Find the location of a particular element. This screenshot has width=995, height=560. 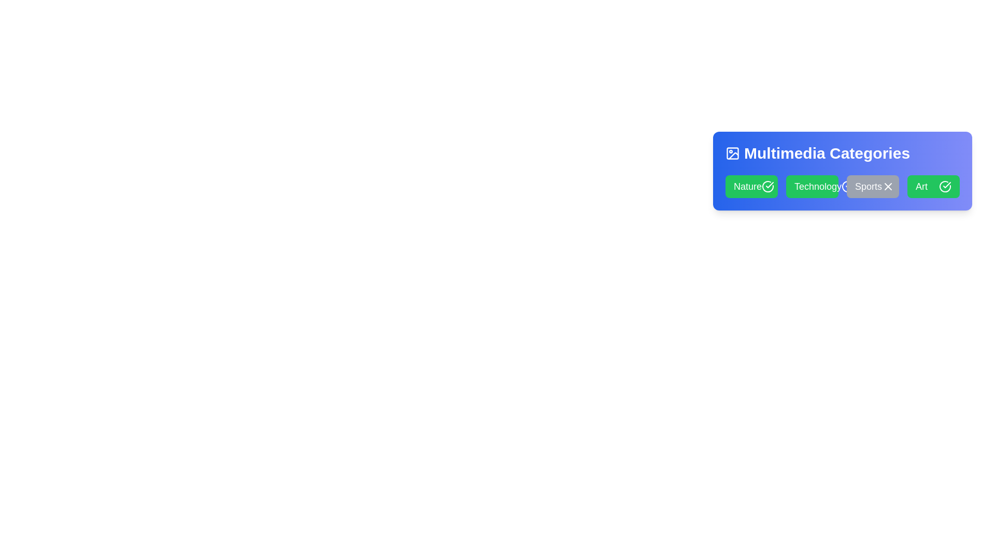

the circular green icon with a white checkmark inside, which is located adjacent to the text label 'Nature' in the green button labeled 'Nature' is located at coordinates (768, 186).